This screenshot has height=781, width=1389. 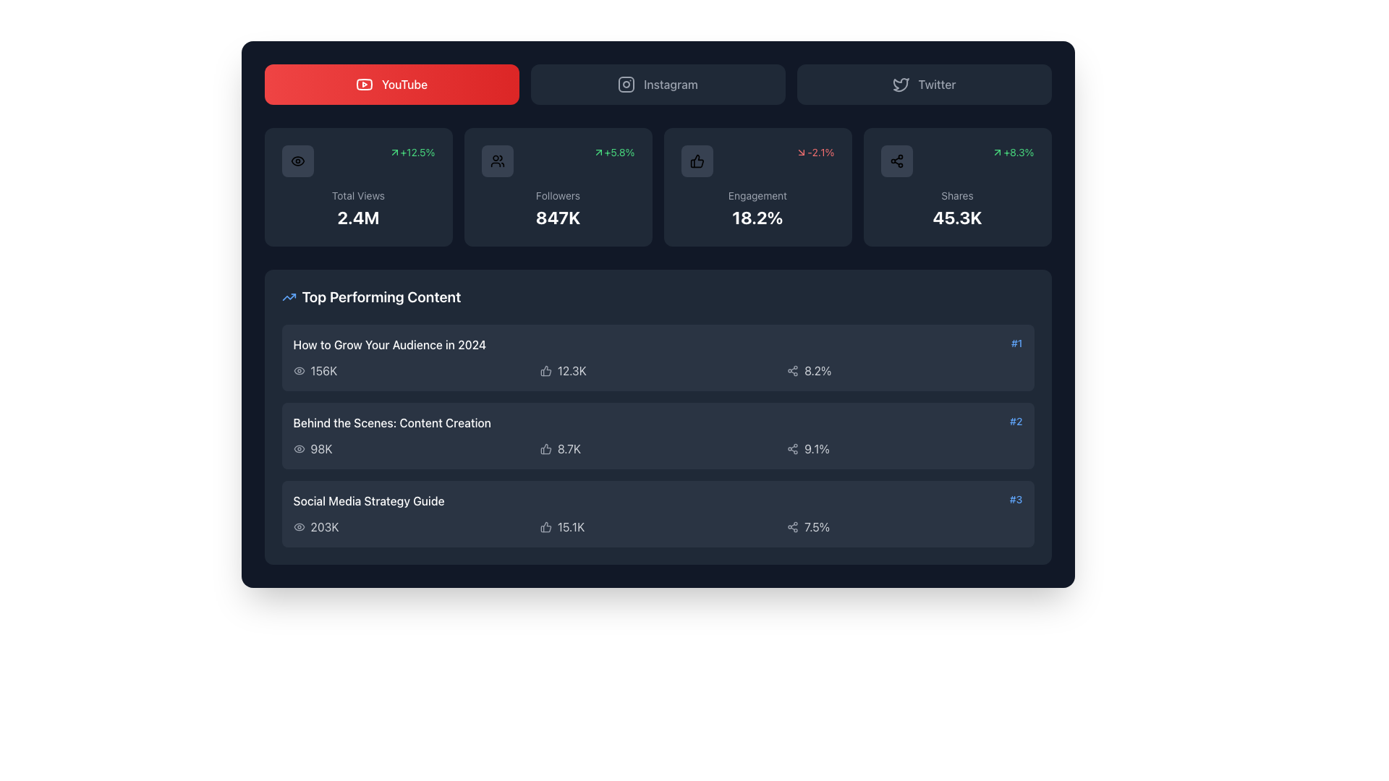 What do you see at coordinates (545, 370) in the screenshot?
I see `the thumbs-up icon located in the 'Top Performing Content' section, next to the engagement count of the list item 'Behind the Scenes: Content Creation'` at bounding box center [545, 370].